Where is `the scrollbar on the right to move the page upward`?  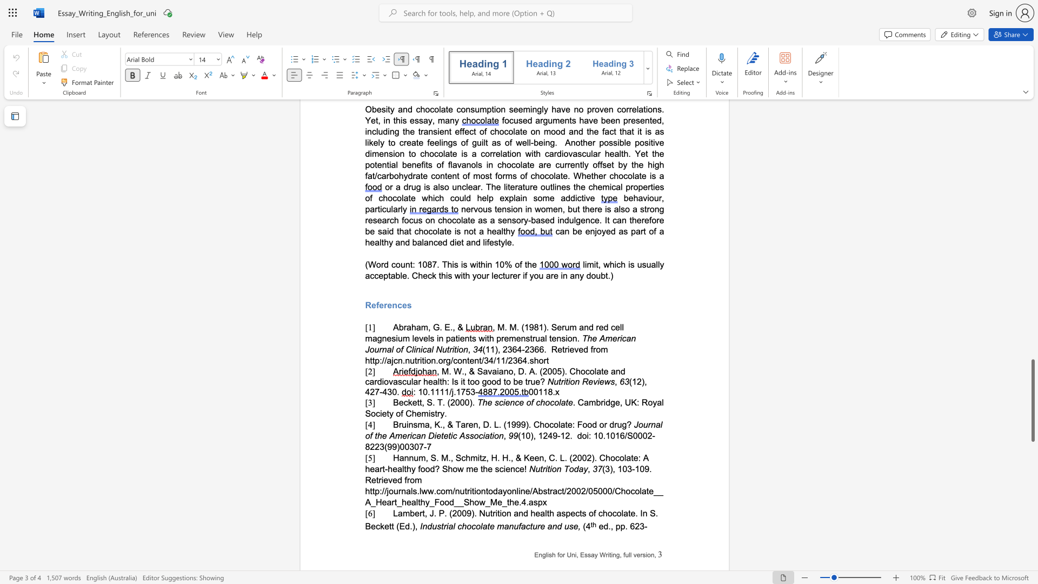
the scrollbar on the right to move the page upward is located at coordinates (1032, 135).